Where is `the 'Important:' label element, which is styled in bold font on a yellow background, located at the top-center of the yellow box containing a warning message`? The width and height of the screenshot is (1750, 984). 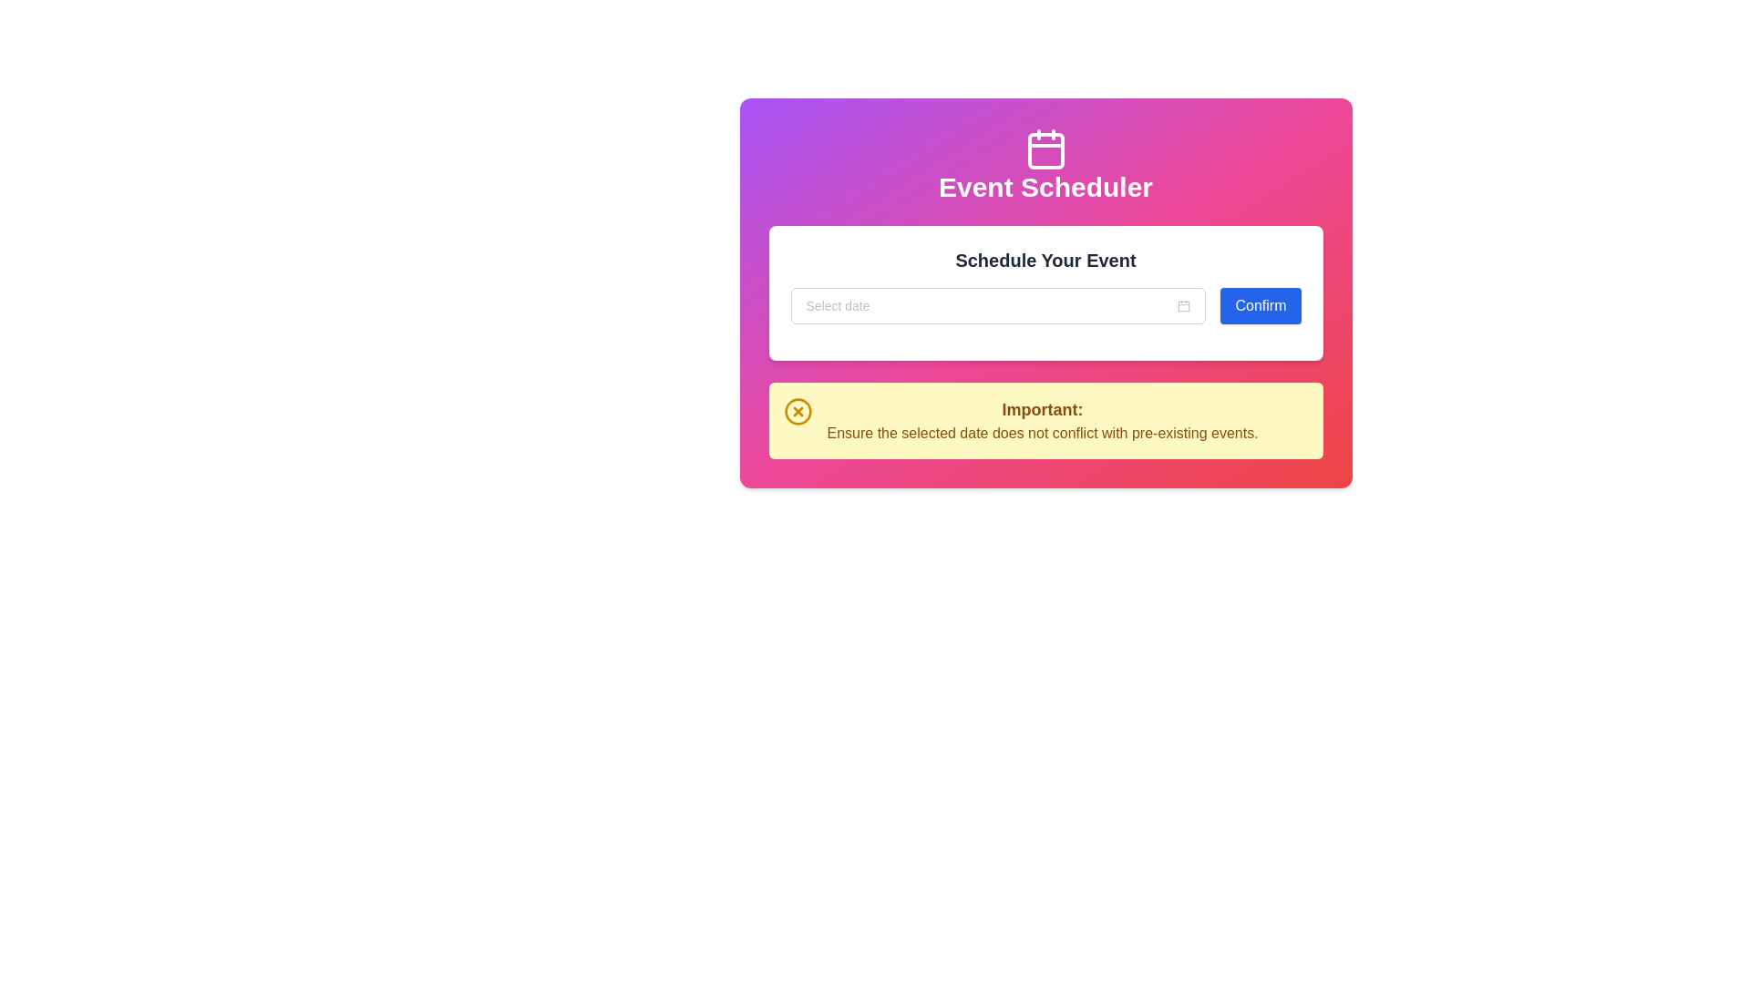
the 'Important:' label element, which is styled in bold font on a yellow background, located at the top-center of the yellow box containing a warning message is located at coordinates (1043, 410).